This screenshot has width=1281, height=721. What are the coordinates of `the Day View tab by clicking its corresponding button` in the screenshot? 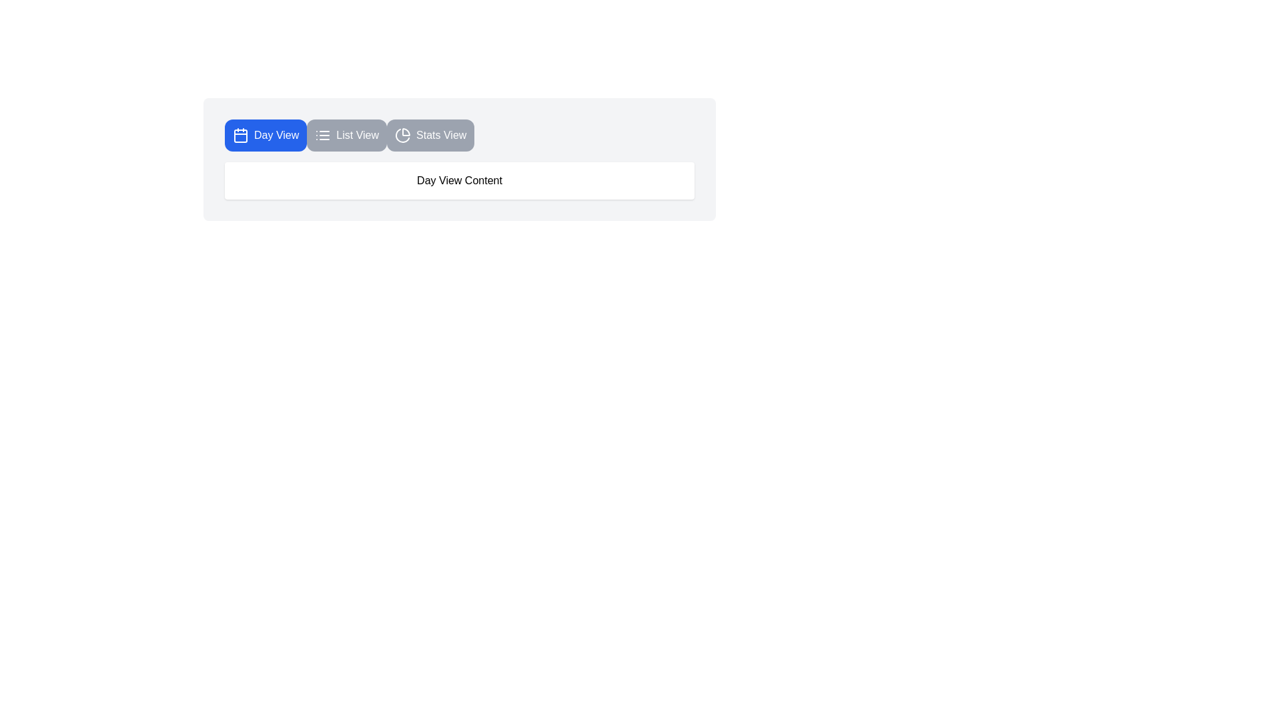 It's located at (266, 136).